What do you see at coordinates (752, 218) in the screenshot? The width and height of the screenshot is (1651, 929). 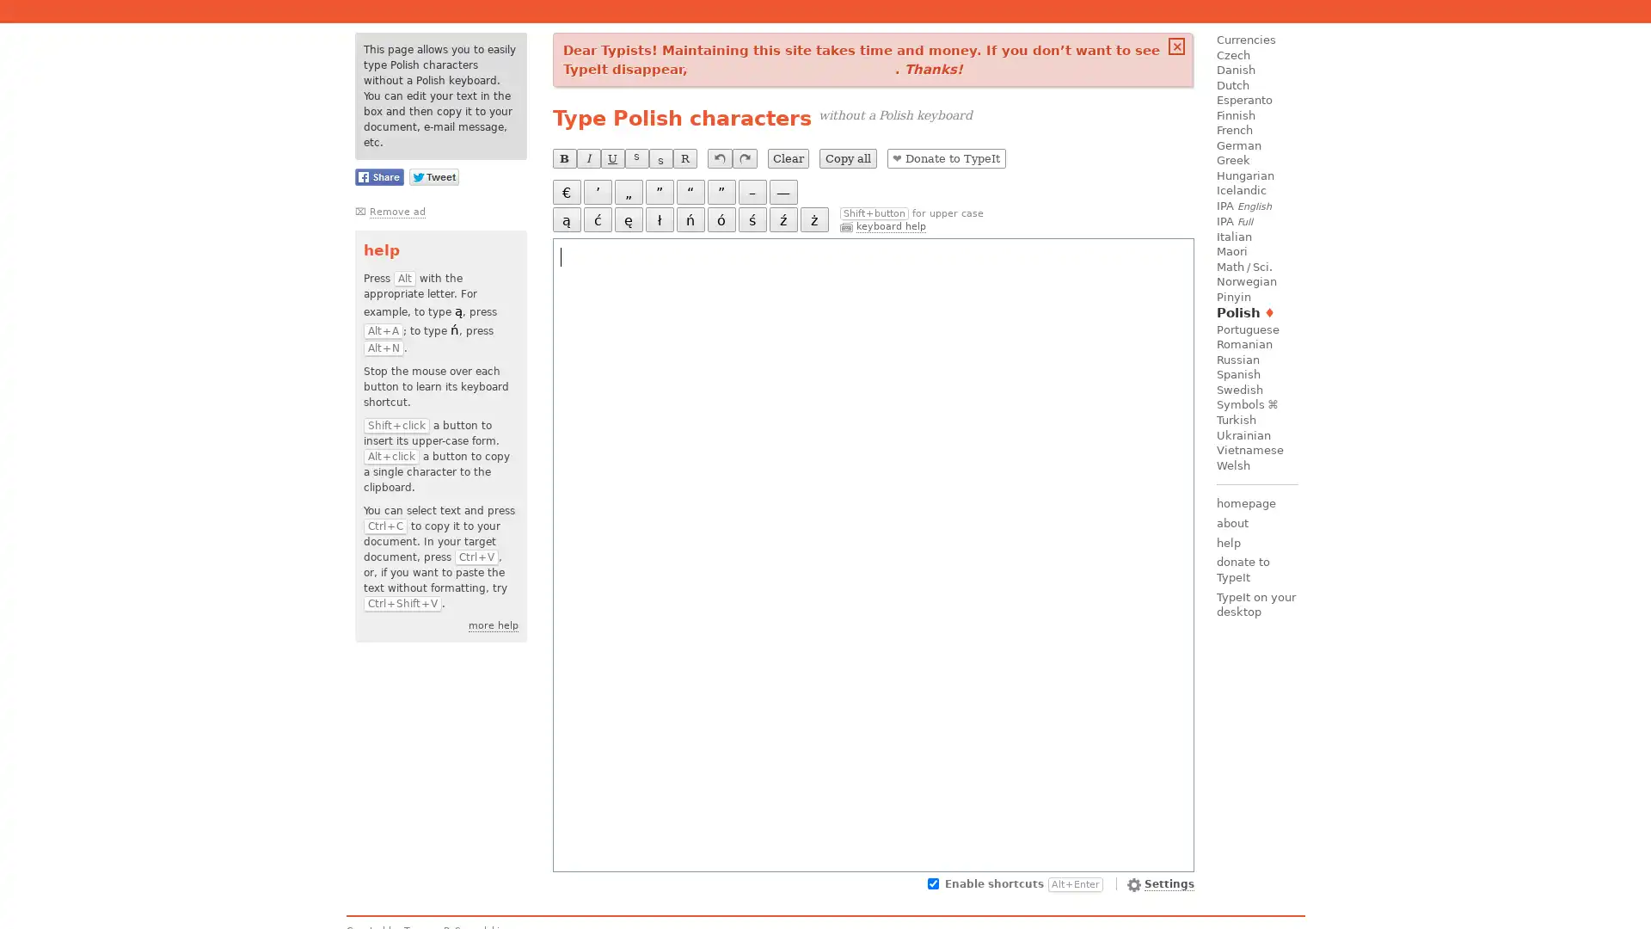 I see `s` at bounding box center [752, 218].